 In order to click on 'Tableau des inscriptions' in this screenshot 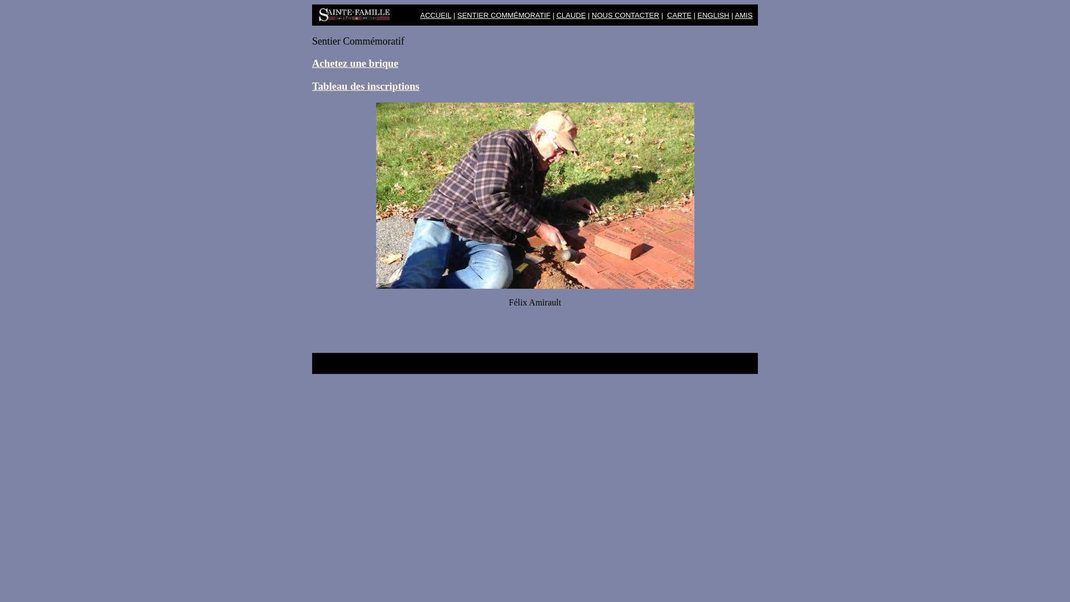, I will do `click(312, 85)`.